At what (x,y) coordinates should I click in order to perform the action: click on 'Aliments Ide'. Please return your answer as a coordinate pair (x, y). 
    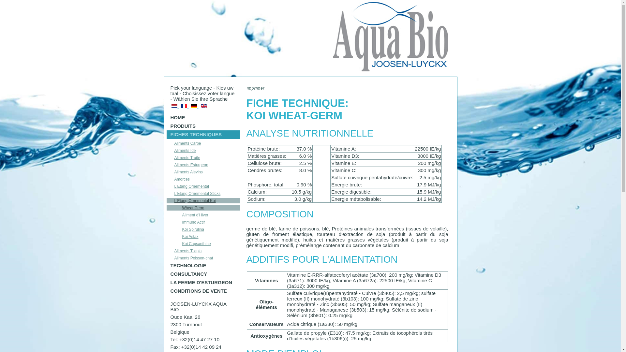
    Looking at the image, I should click on (202, 151).